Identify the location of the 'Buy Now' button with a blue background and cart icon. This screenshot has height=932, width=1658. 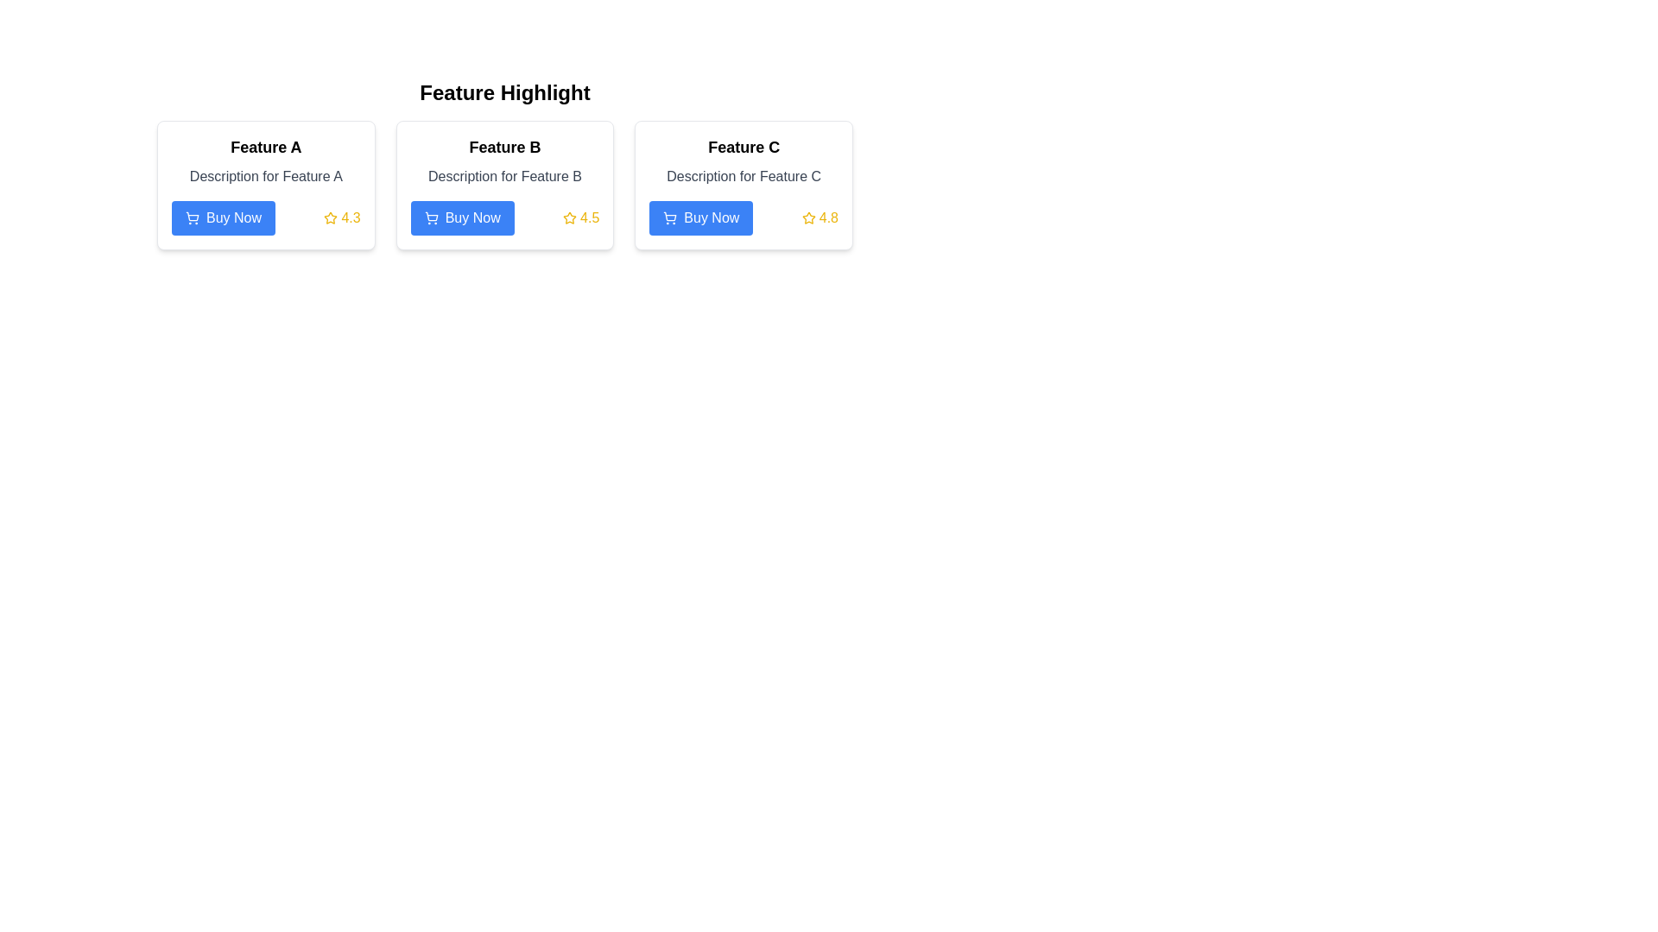
(462, 217).